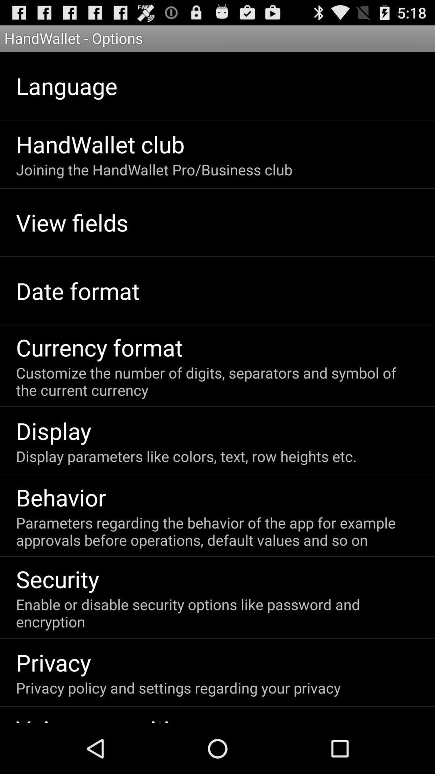 This screenshot has width=435, height=774. I want to click on the voice recognition app, so click(105, 718).